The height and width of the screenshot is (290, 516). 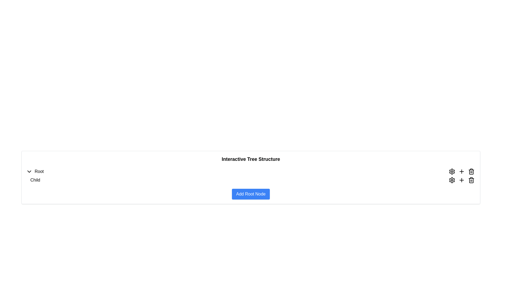 I want to click on the trash icon located at the far right of the horizontal options row to initiate the delete action, so click(x=471, y=180).